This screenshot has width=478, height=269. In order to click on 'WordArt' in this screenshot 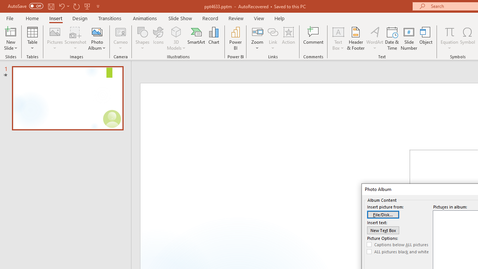, I will do `click(375, 38)`.